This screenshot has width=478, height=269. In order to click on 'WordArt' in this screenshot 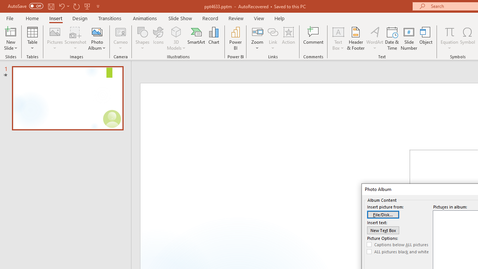, I will do `click(375, 38)`.